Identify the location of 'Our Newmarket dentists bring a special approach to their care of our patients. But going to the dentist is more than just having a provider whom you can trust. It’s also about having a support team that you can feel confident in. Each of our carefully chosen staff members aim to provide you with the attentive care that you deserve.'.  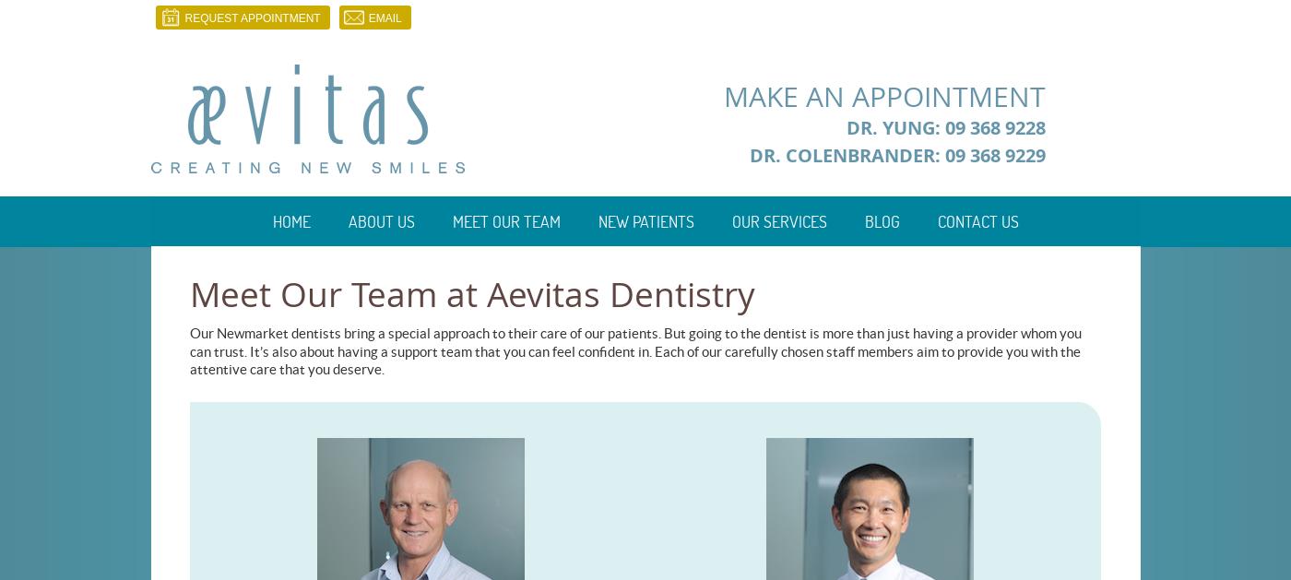
(635, 350).